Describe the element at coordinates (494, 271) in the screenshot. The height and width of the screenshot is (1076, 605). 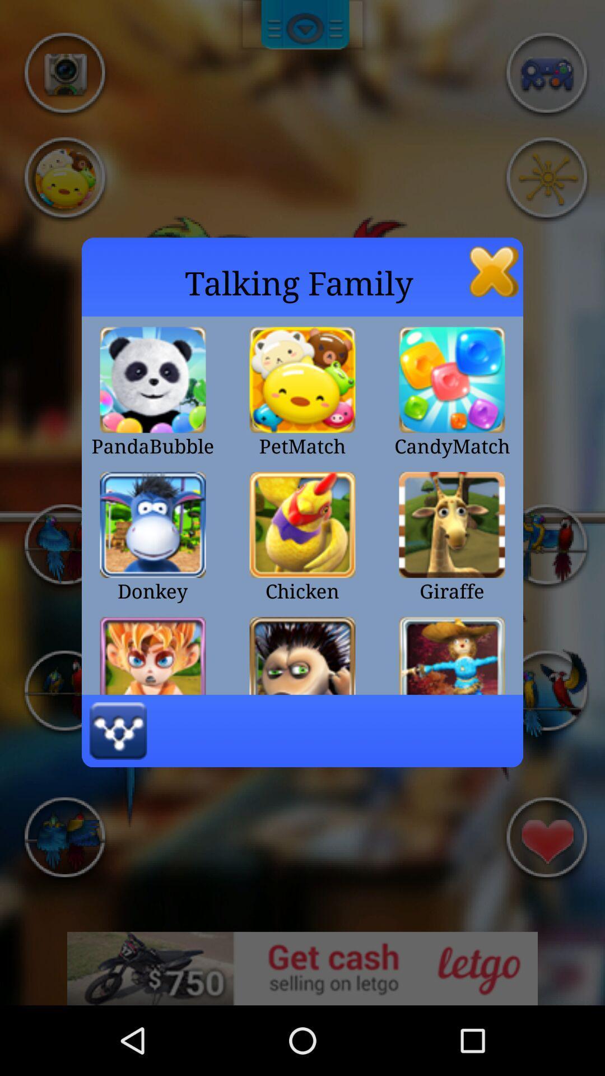
I see `the sub-menu` at that location.